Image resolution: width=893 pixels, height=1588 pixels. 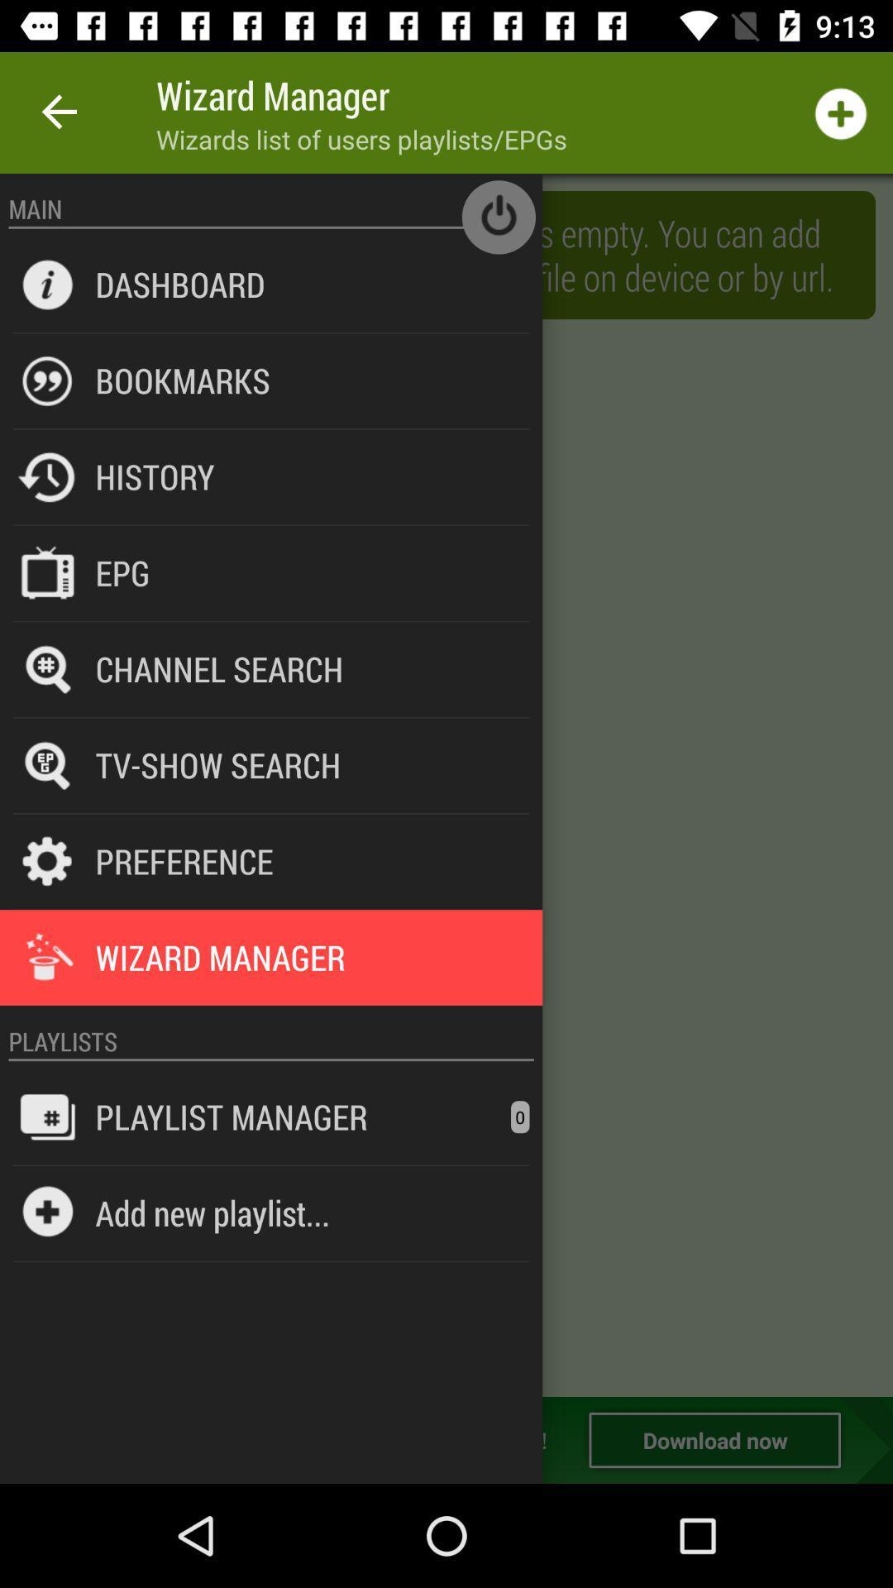 What do you see at coordinates (183, 380) in the screenshot?
I see `bookmarks item` at bounding box center [183, 380].